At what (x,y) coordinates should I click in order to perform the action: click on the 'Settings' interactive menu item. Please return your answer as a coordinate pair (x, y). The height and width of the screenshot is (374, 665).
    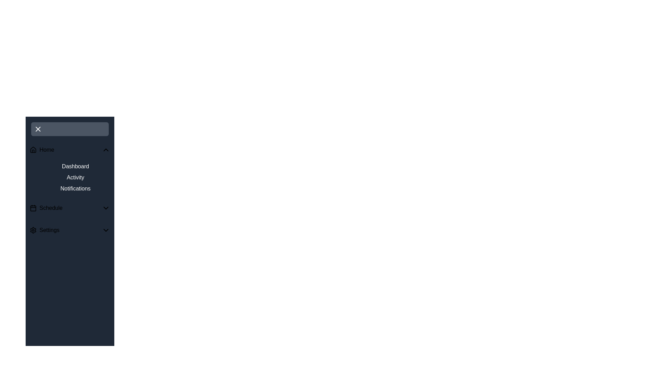
    Looking at the image, I should click on (44, 230).